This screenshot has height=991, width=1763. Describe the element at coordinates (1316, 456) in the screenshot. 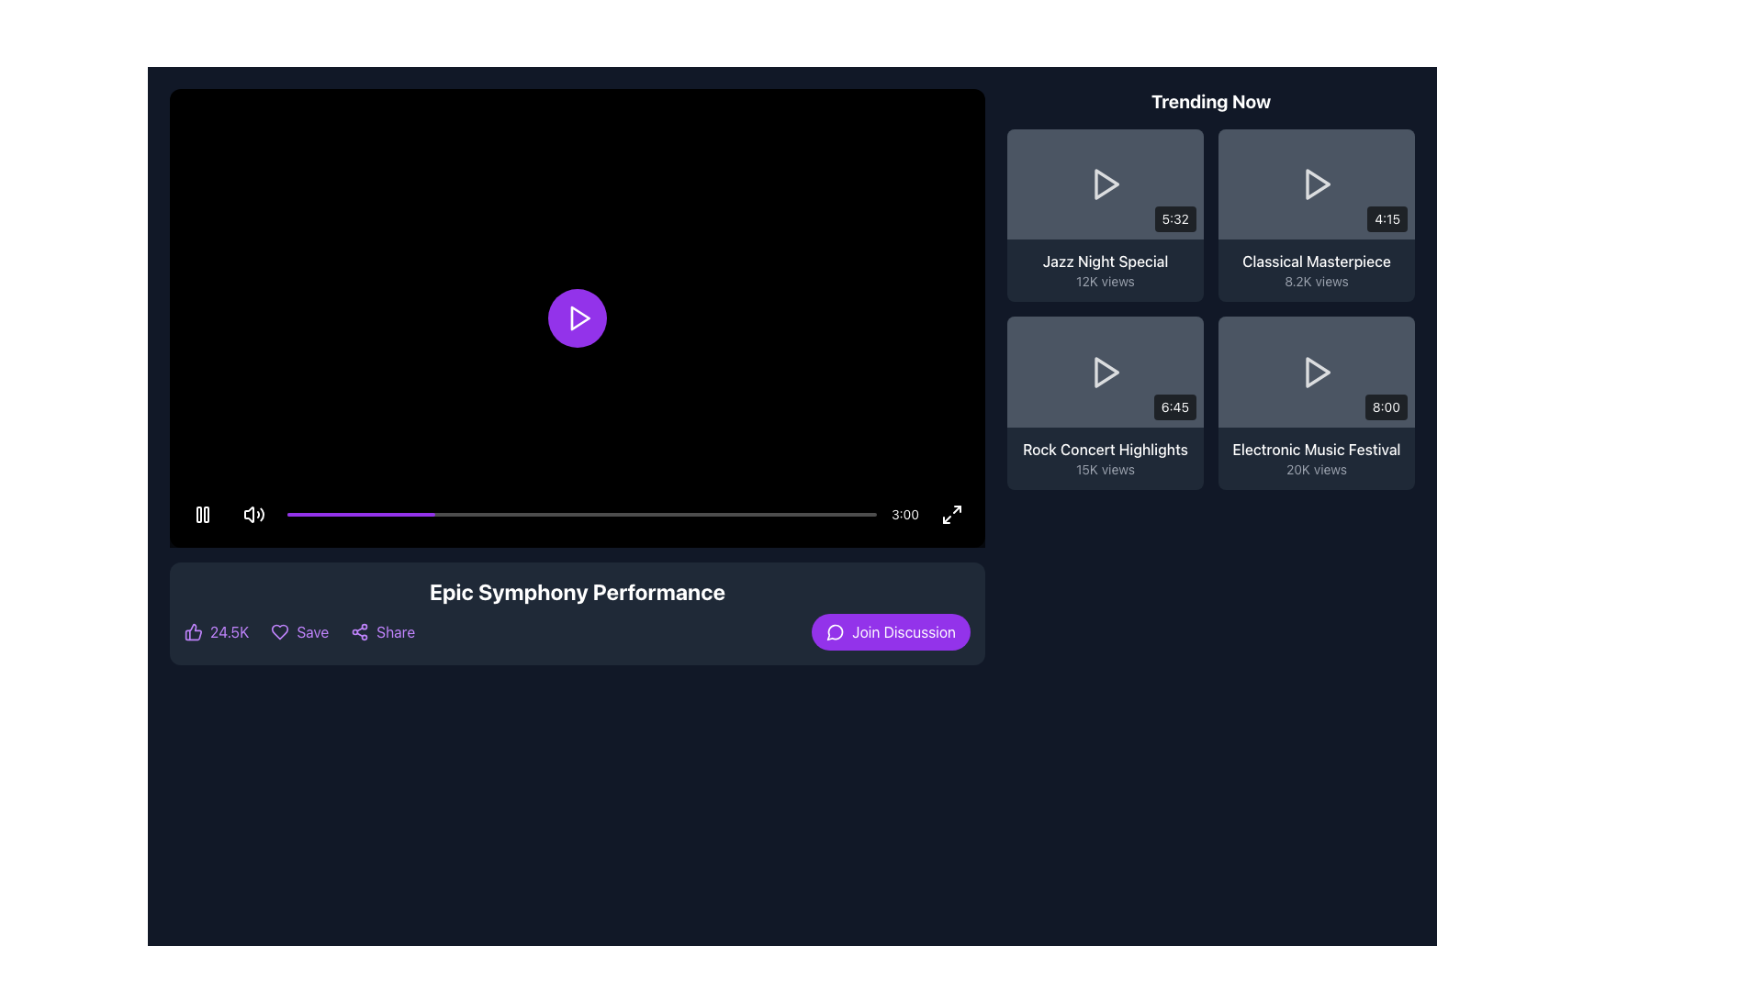

I see `the Label Group containing the title 'Electronic Music Festival' and view count '20K views' for navigation in the 'Trending Now' section` at that location.